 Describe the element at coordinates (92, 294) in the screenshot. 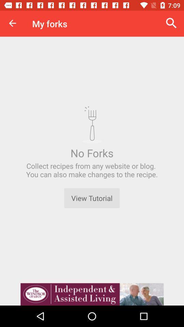

I see `opens the advertisement` at that location.